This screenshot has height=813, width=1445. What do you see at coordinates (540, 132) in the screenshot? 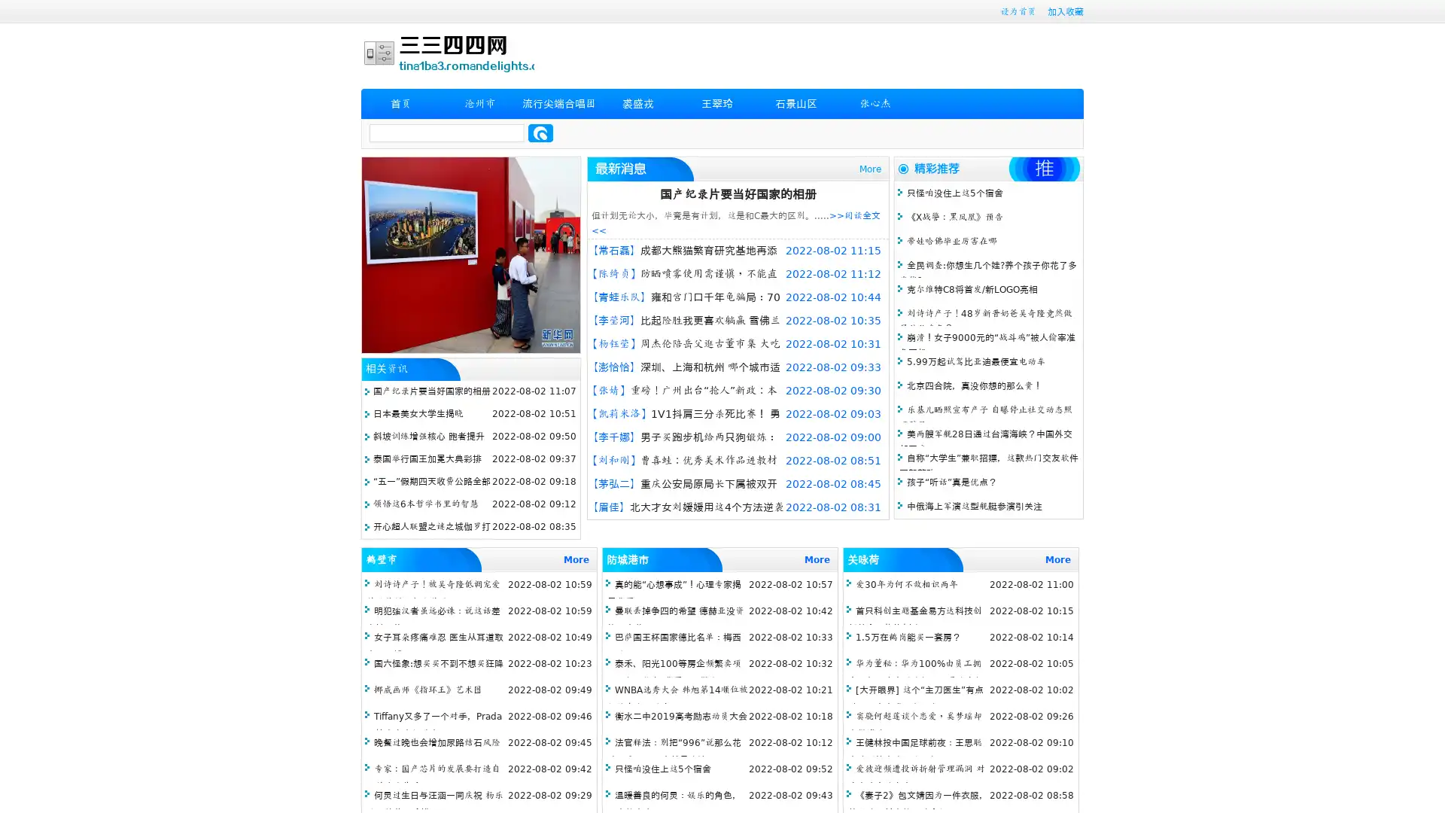
I see `Search` at bounding box center [540, 132].